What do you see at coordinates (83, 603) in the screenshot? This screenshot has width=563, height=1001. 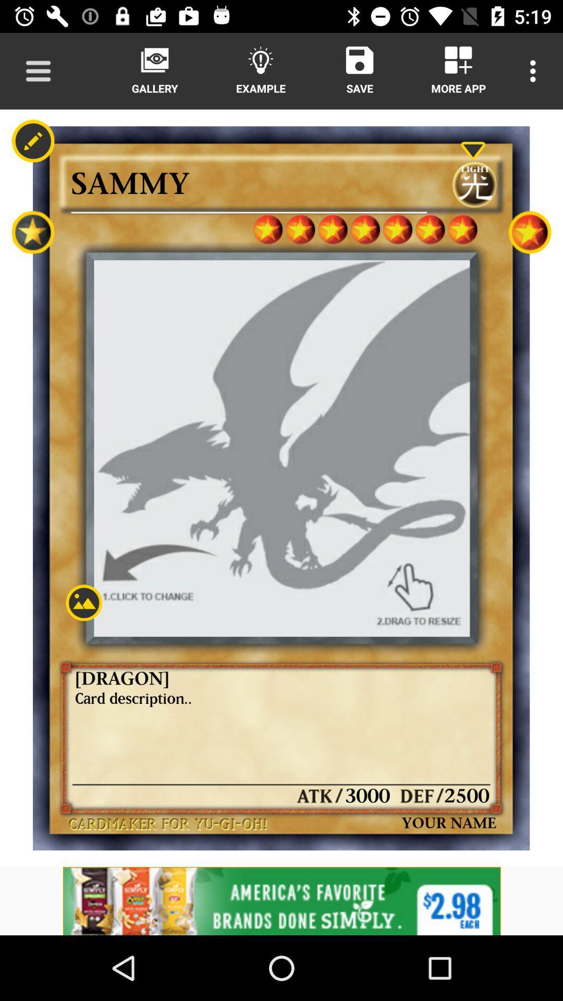 I see `the wallpaper icon` at bounding box center [83, 603].